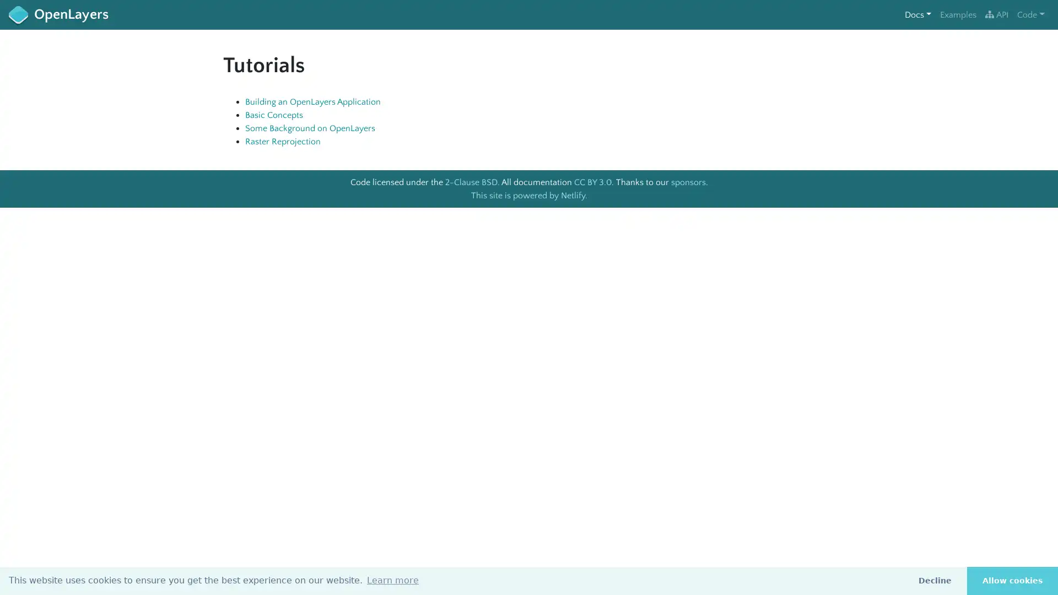 The width and height of the screenshot is (1058, 595). I want to click on learn more about cookies, so click(393, 580).